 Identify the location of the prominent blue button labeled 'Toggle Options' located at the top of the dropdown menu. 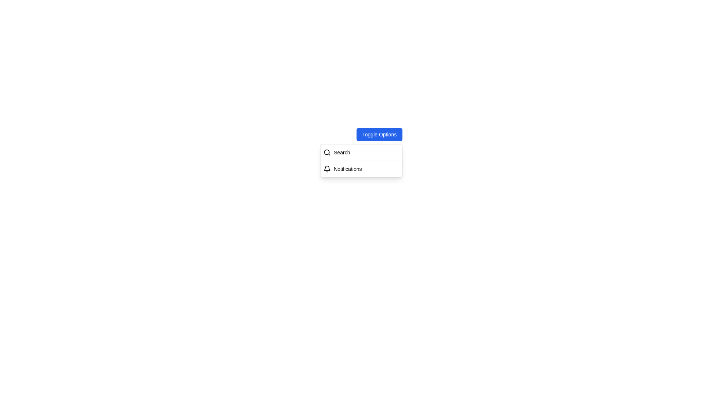
(379, 134).